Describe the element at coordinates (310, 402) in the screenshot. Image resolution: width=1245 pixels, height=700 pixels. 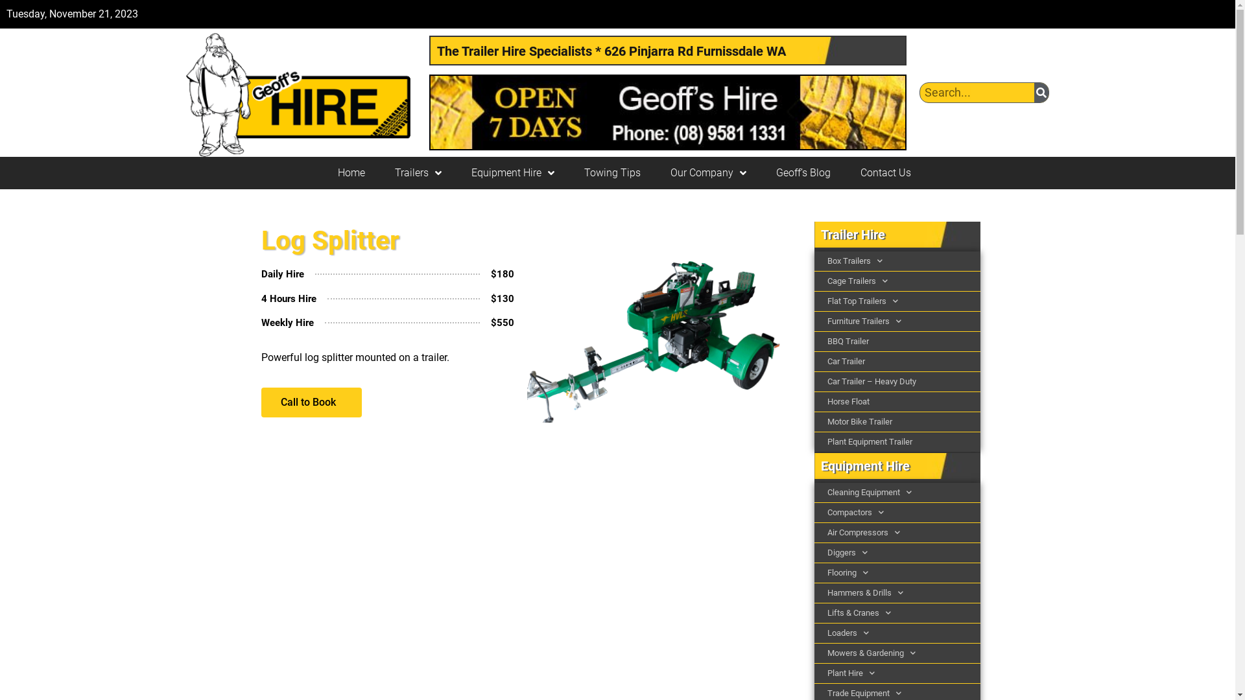
I see `'Call to Book'` at that location.